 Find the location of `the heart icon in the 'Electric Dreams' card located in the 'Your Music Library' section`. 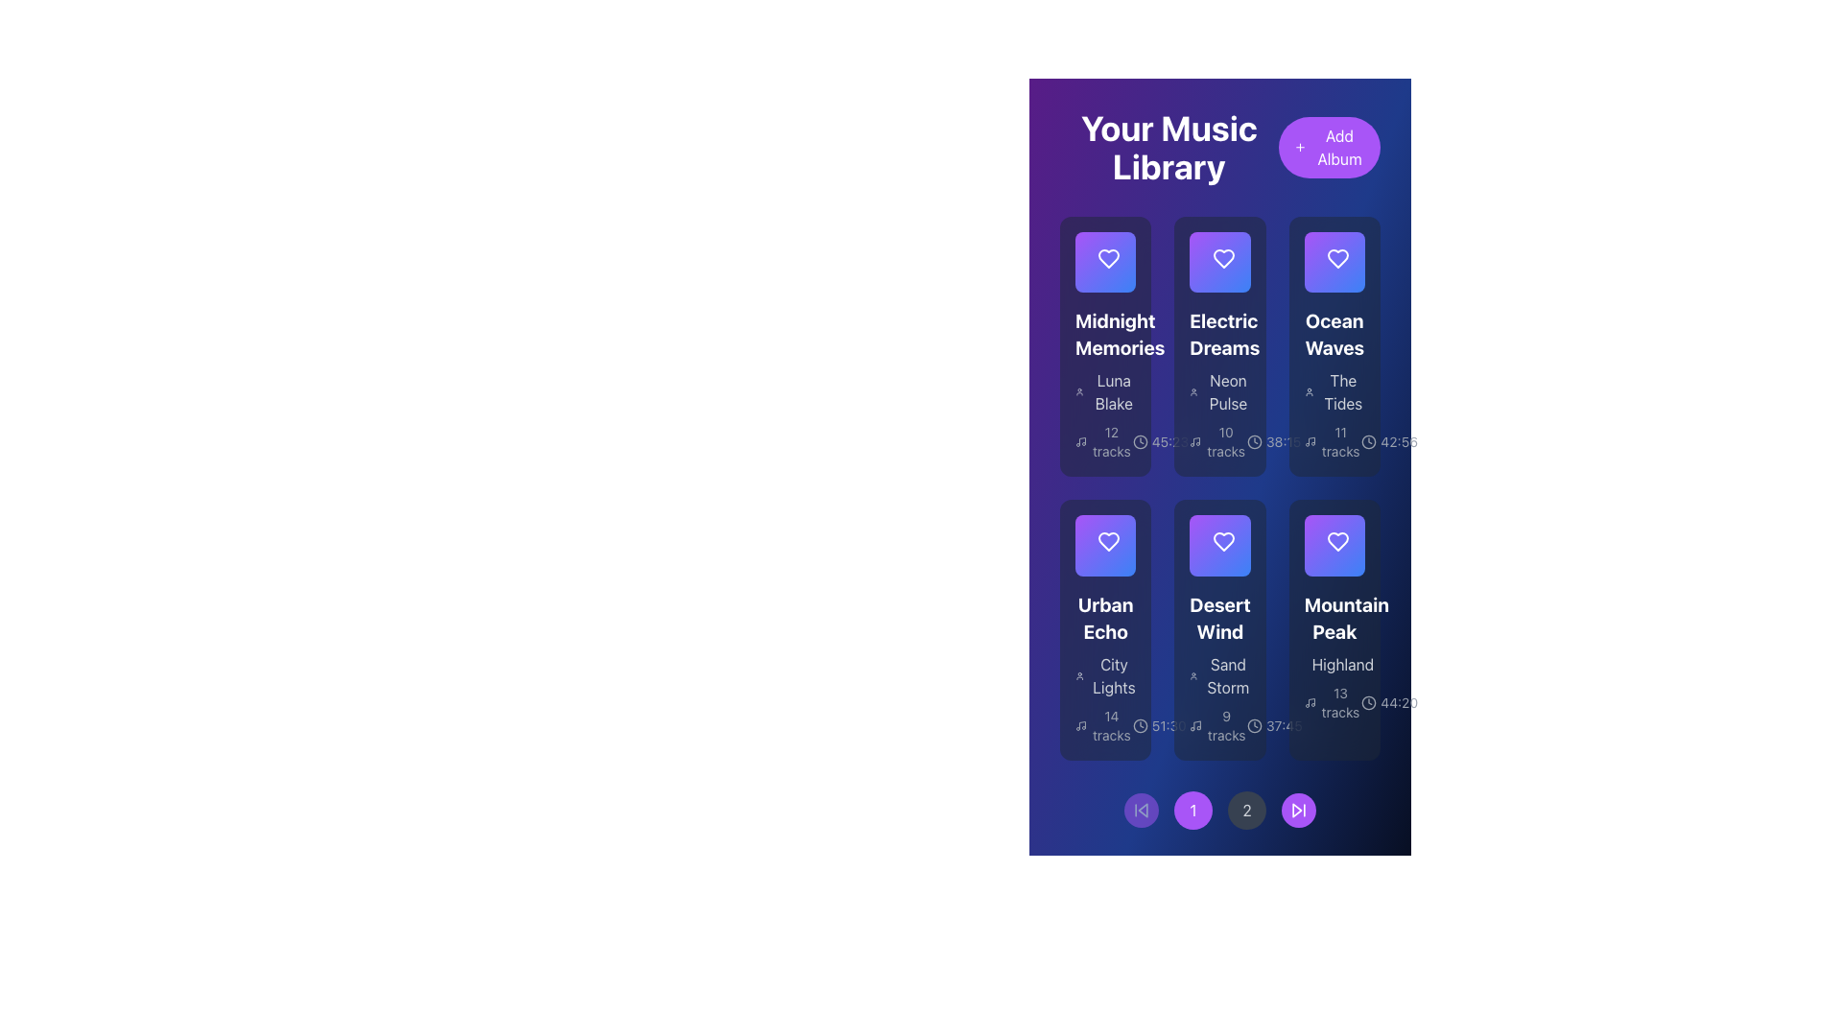

the heart icon in the 'Electric Dreams' card located in the 'Your Music Library' section is located at coordinates (1219, 262).